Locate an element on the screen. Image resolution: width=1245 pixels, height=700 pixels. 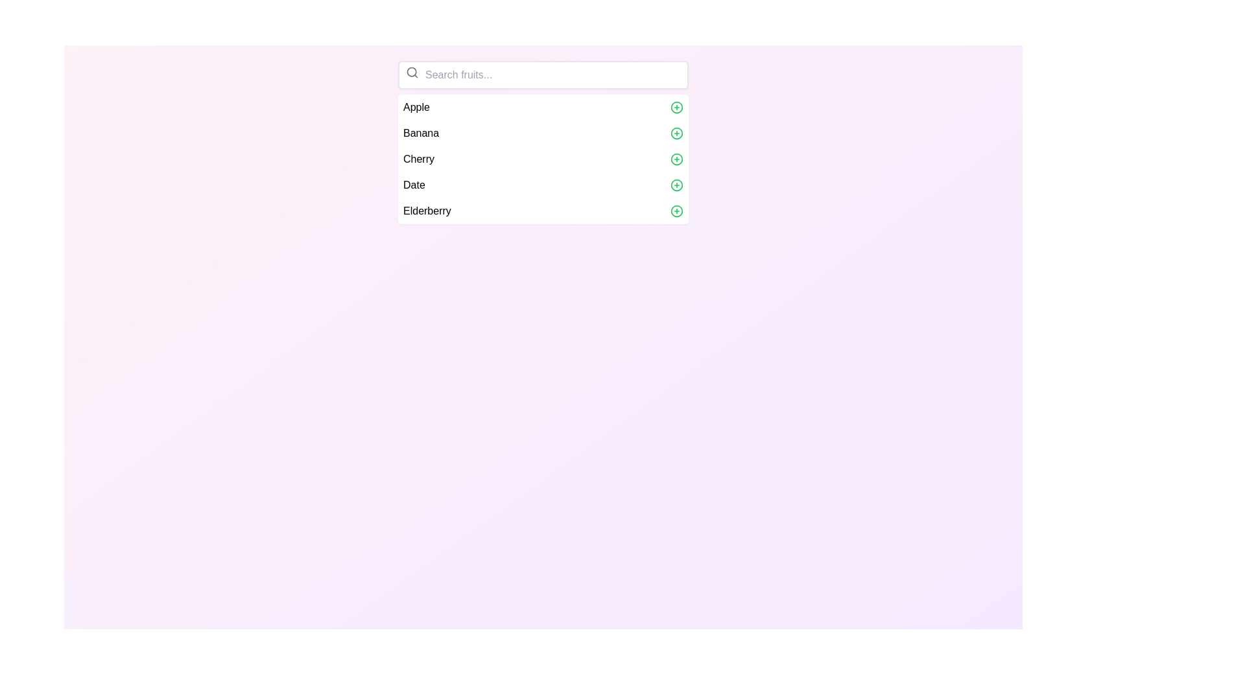
the SVG Circle that is part of the search icon, located in the top-left area of the search input field is located at coordinates (411, 72).